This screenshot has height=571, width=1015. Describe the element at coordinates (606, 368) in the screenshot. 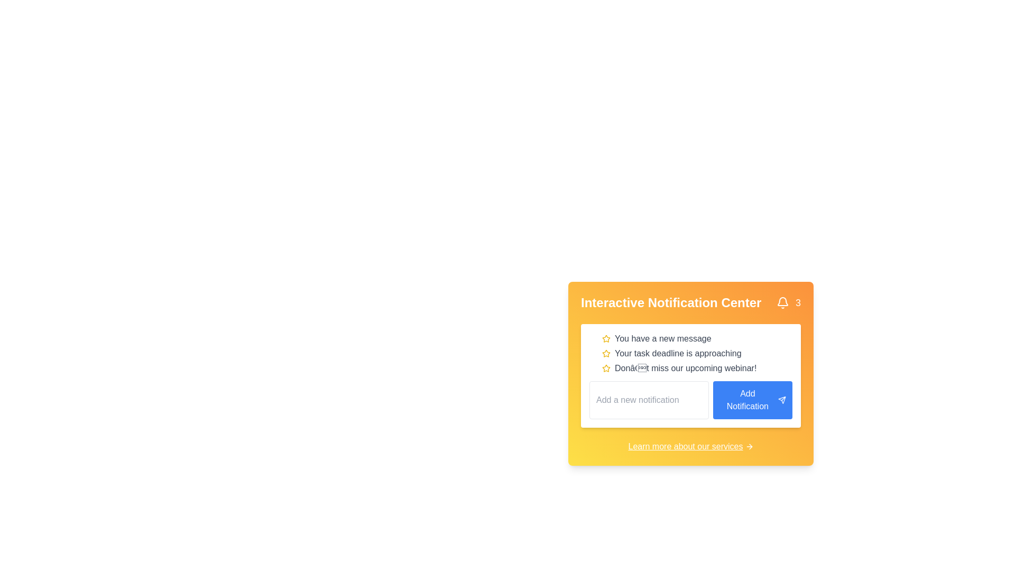

I see `the decorative icon located at the leftmost position of the notification text 'Don’t miss our upcoming webinar!' in the lower right section of the interface` at that location.